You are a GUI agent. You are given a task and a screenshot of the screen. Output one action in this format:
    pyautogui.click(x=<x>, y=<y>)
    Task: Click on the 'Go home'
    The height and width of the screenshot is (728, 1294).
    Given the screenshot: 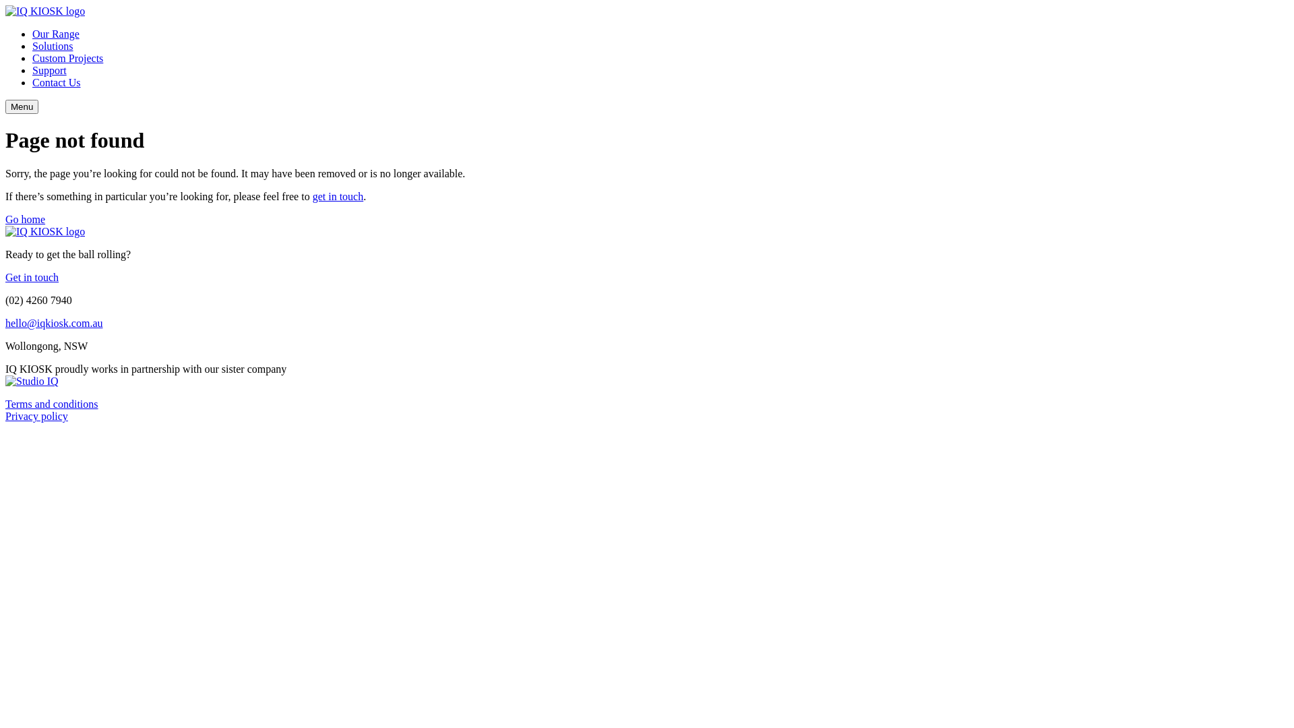 What is the action you would take?
    pyautogui.click(x=25, y=218)
    